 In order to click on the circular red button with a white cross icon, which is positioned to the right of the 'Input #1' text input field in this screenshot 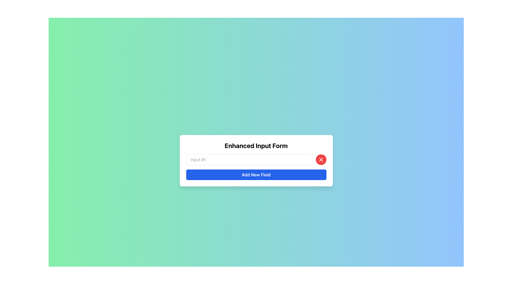, I will do `click(321, 159)`.